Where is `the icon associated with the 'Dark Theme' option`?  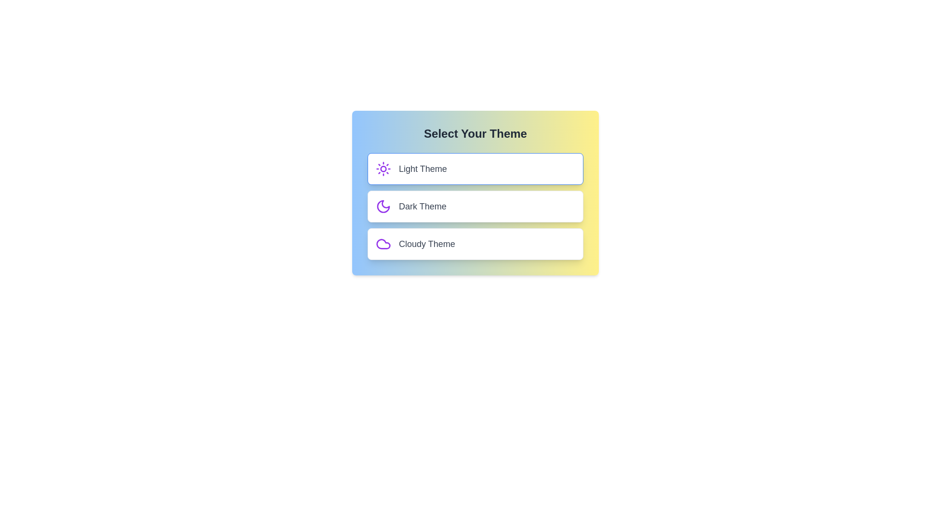 the icon associated with the 'Dark Theme' option is located at coordinates (383, 206).